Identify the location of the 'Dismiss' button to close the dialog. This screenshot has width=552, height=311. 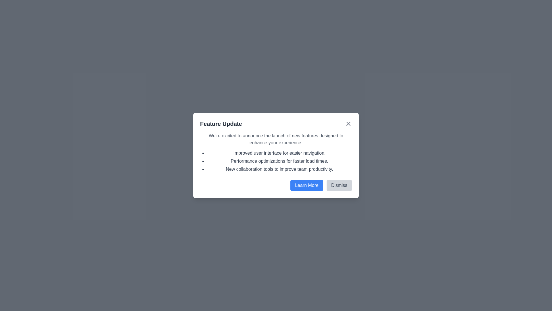
(339, 185).